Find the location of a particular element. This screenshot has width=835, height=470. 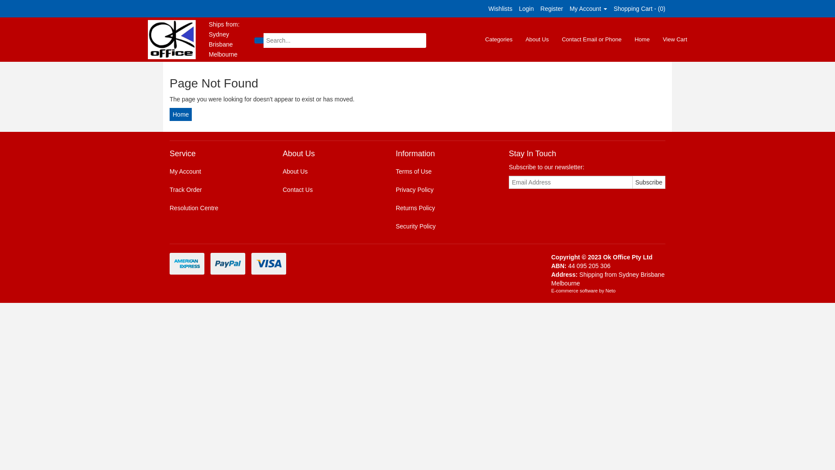

'Register' is located at coordinates (551, 8).